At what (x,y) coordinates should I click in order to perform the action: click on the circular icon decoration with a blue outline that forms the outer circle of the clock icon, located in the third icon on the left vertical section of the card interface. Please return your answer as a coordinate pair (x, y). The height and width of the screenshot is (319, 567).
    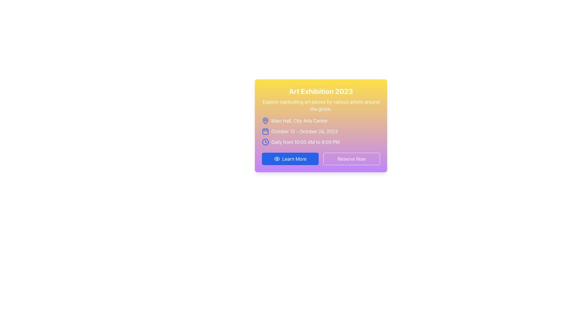
    Looking at the image, I should click on (265, 142).